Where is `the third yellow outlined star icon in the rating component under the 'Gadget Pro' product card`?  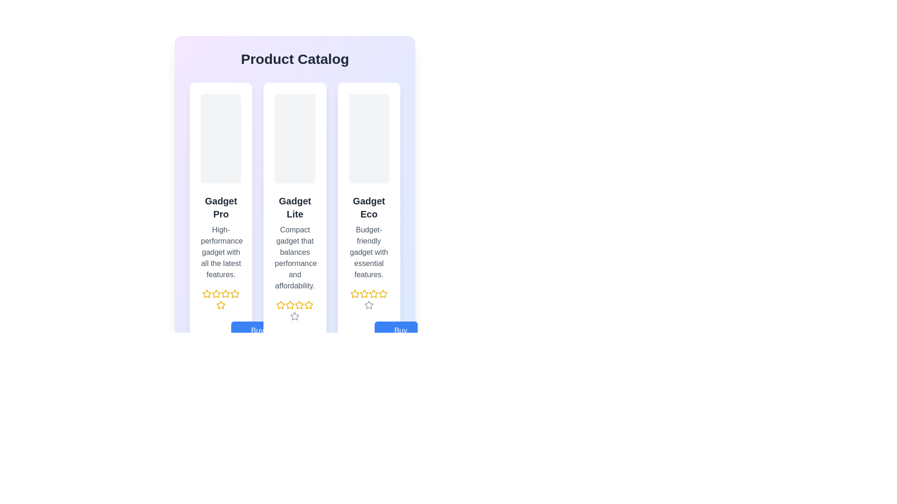 the third yellow outlined star icon in the rating component under the 'Gadget Pro' product card is located at coordinates (216, 293).